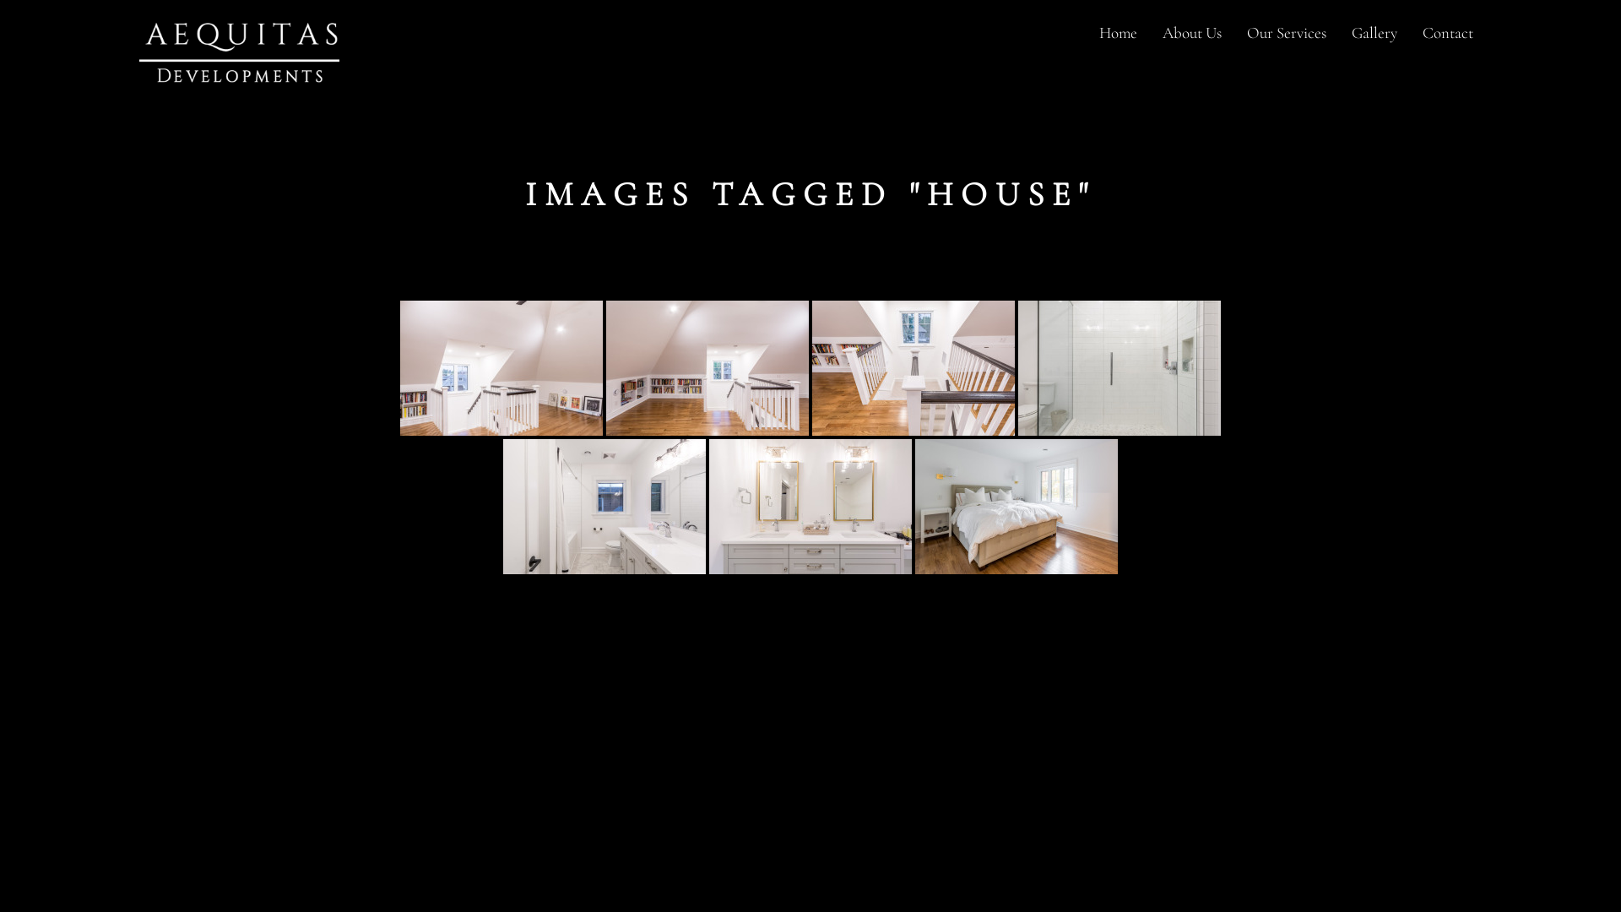 This screenshot has width=1621, height=912. I want to click on 'Our Services', so click(1285, 33).